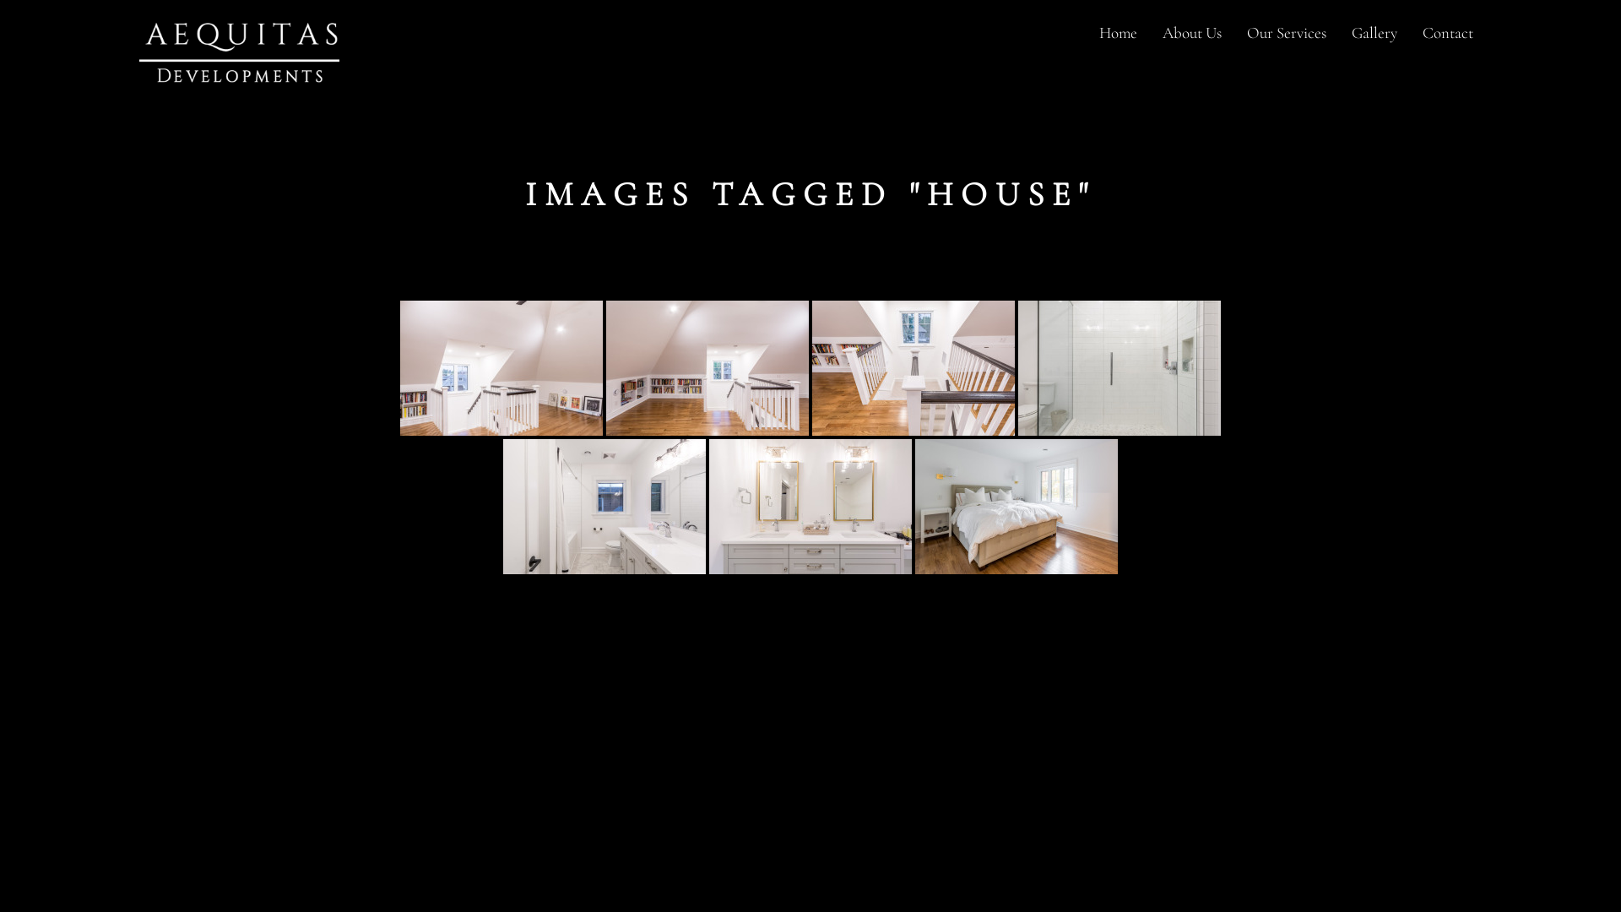 This screenshot has width=1621, height=912. I want to click on 'Our Services', so click(1285, 33).